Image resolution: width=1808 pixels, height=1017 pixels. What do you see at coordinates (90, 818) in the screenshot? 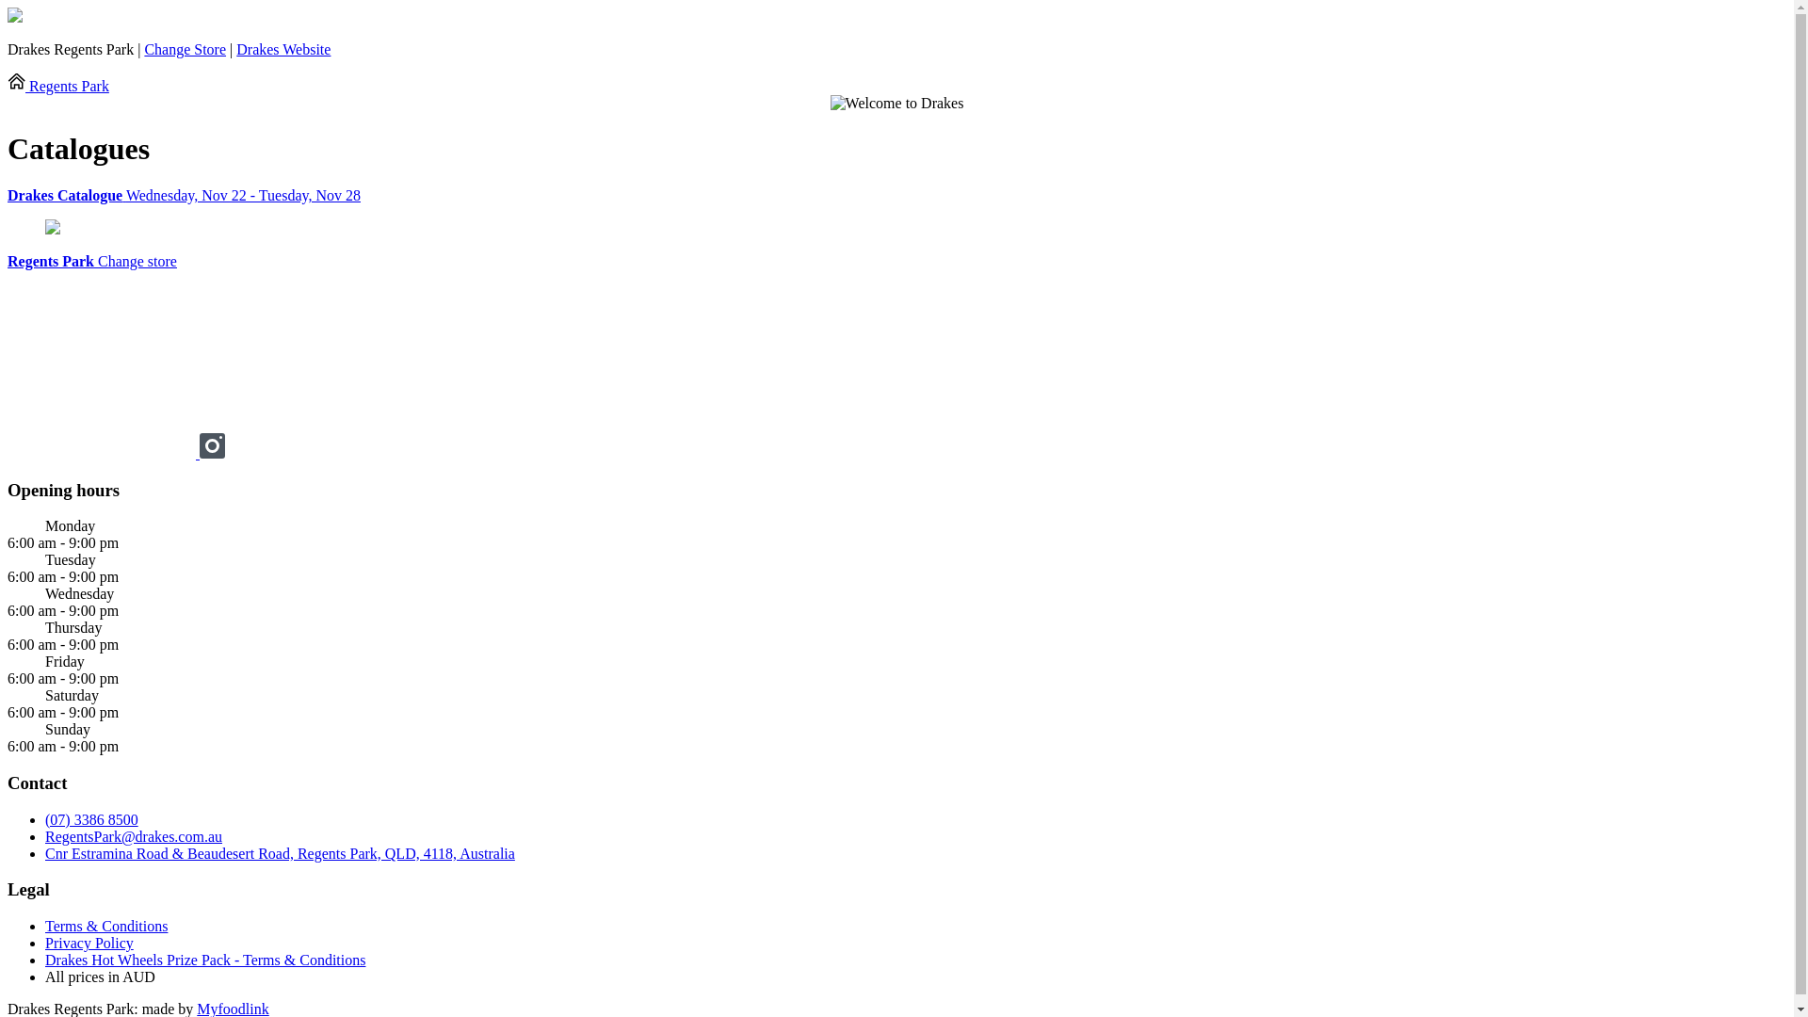
I see `'(07) 3386 8500'` at bounding box center [90, 818].